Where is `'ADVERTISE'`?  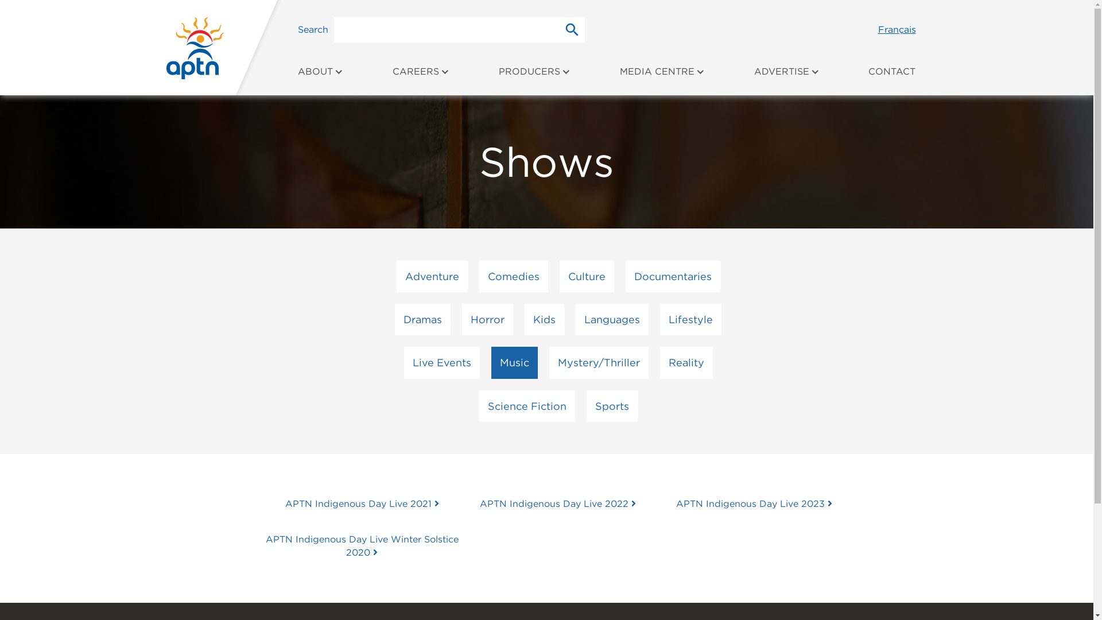 'ADVERTISE' is located at coordinates (786, 77).